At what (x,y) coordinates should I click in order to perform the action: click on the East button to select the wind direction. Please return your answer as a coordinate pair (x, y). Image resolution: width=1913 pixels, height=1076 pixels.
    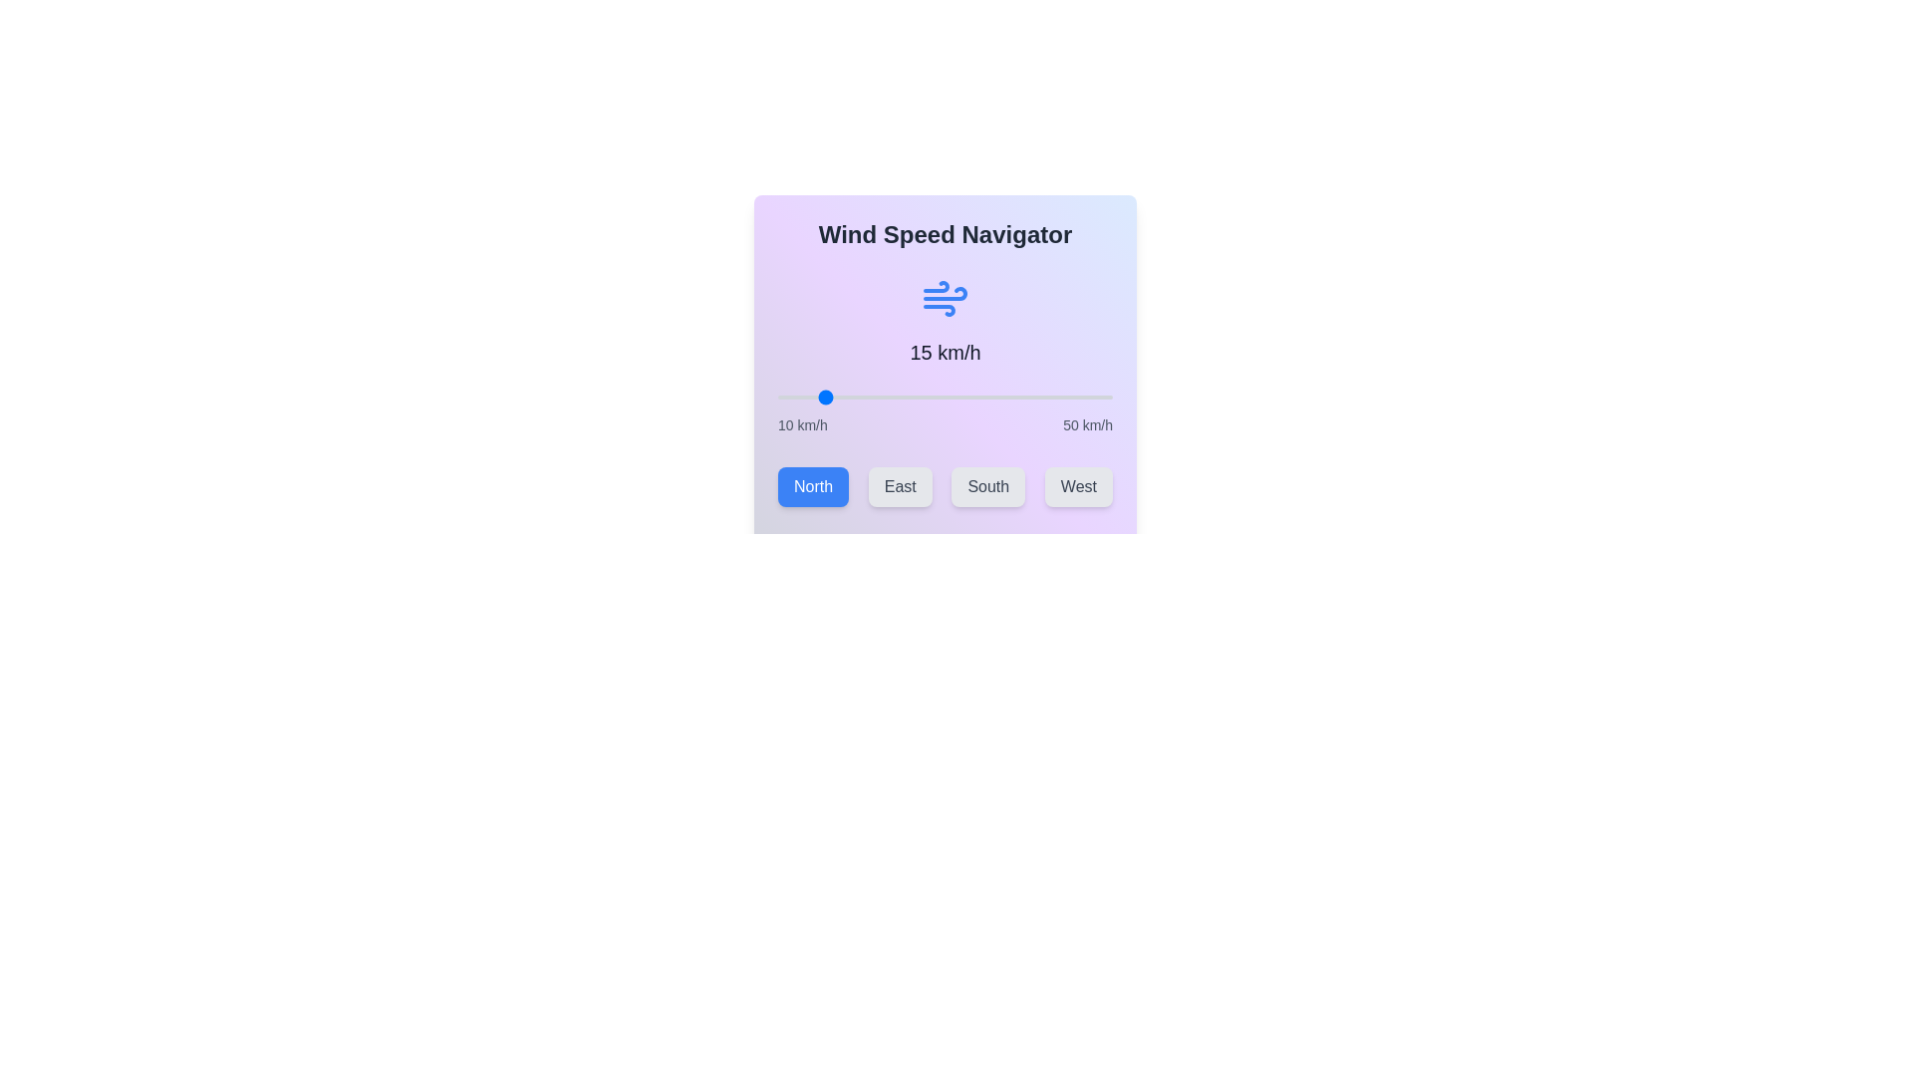
    Looking at the image, I should click on (899, 487).